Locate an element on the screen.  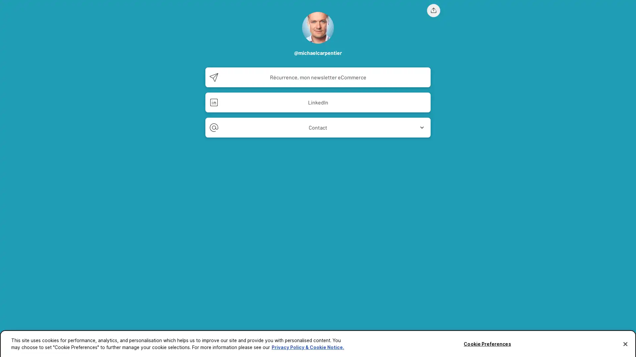
Close is located at coordinates (625, 341).